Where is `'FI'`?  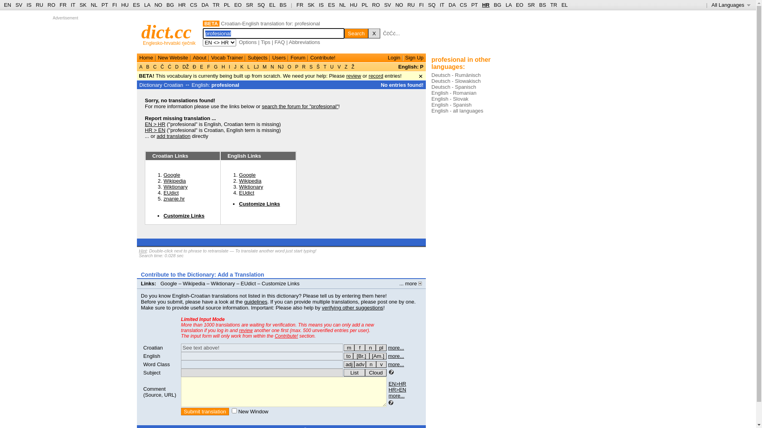 'FI' is located at coordinates (421, 5).